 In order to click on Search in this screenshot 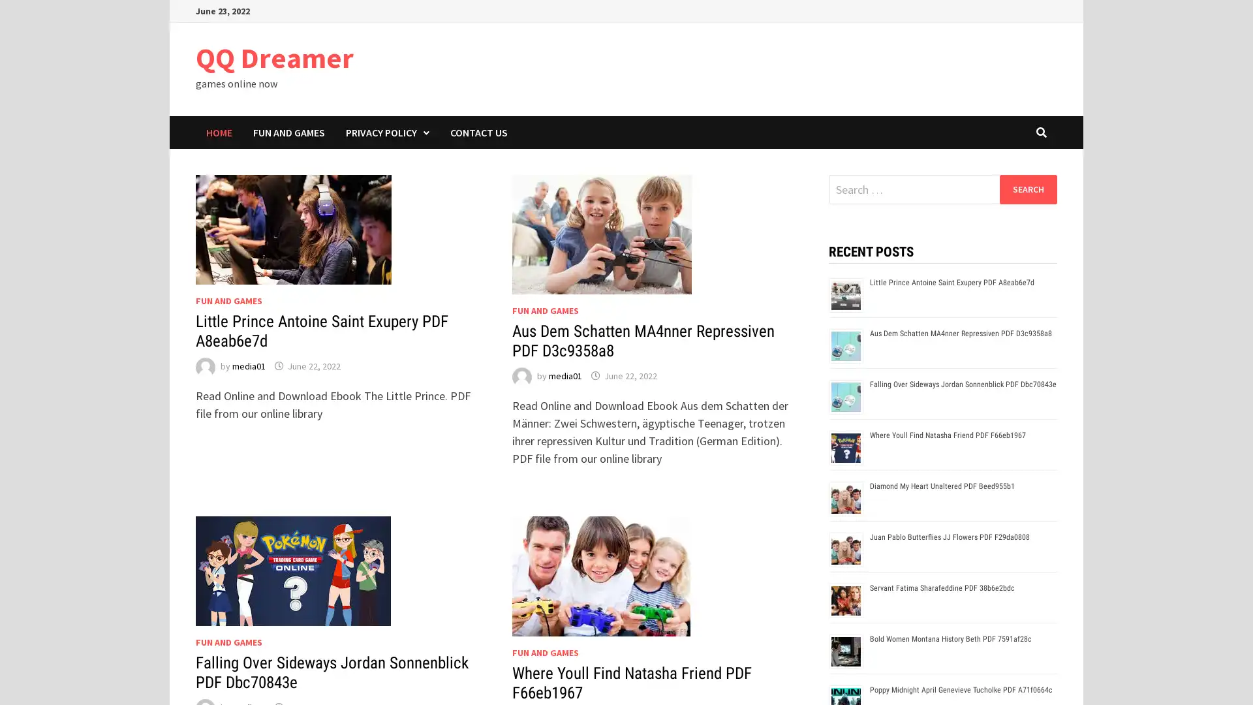, I will do `click(1027, 189)`.